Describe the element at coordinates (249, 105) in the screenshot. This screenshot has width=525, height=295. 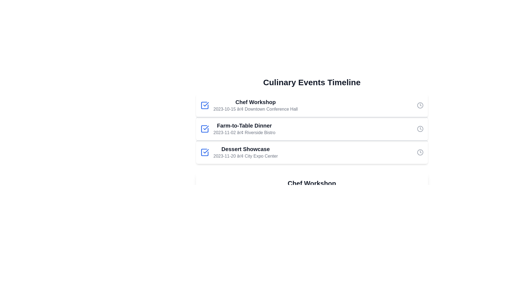
I see `the first list item labeled 'Chef Workshop'` at that location.